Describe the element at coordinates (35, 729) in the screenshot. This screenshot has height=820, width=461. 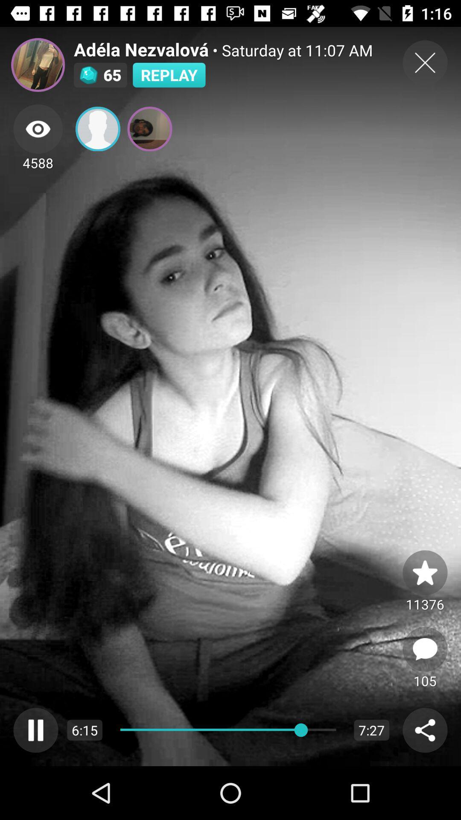
I see `pause` at that location.